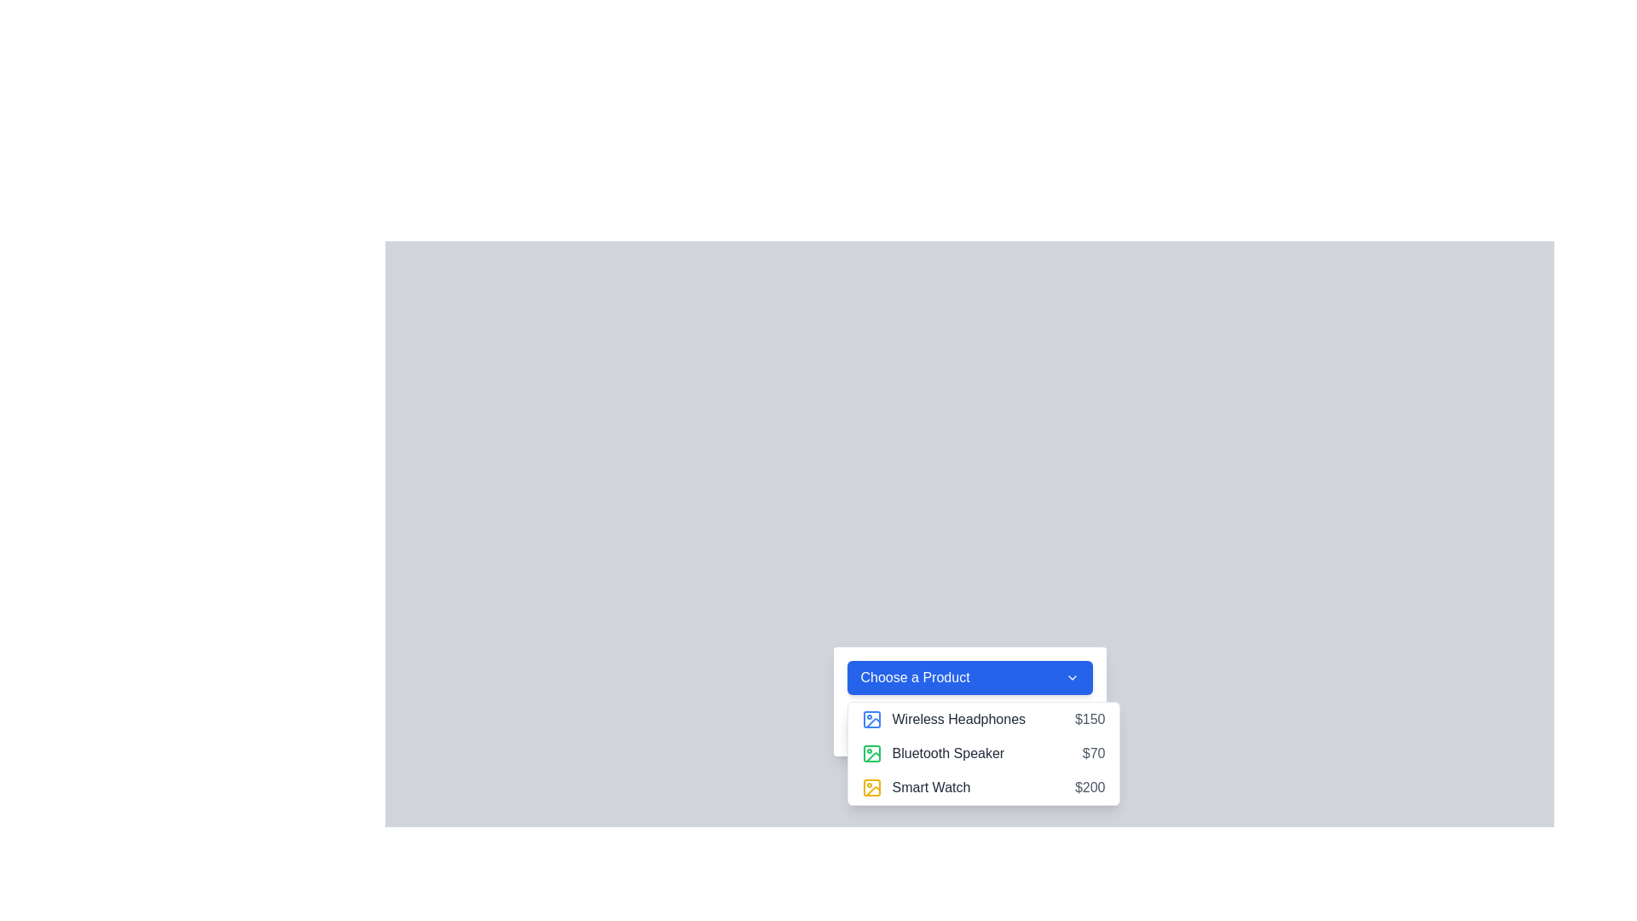  Describe the element at coordinates (969, 701) in the screenshot. I see `the dropdown menu item that contains options for products, specifically targeting the 'Wireless Headphones' option which is the first item` at that location.